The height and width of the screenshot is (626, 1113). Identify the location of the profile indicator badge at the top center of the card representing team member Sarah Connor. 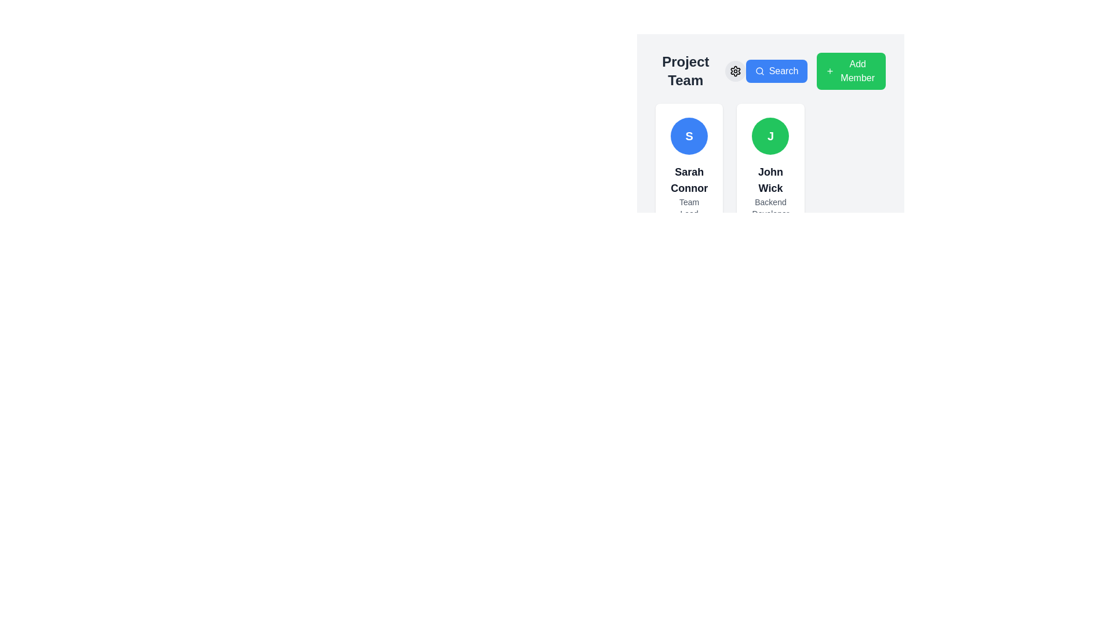
(689, 136).